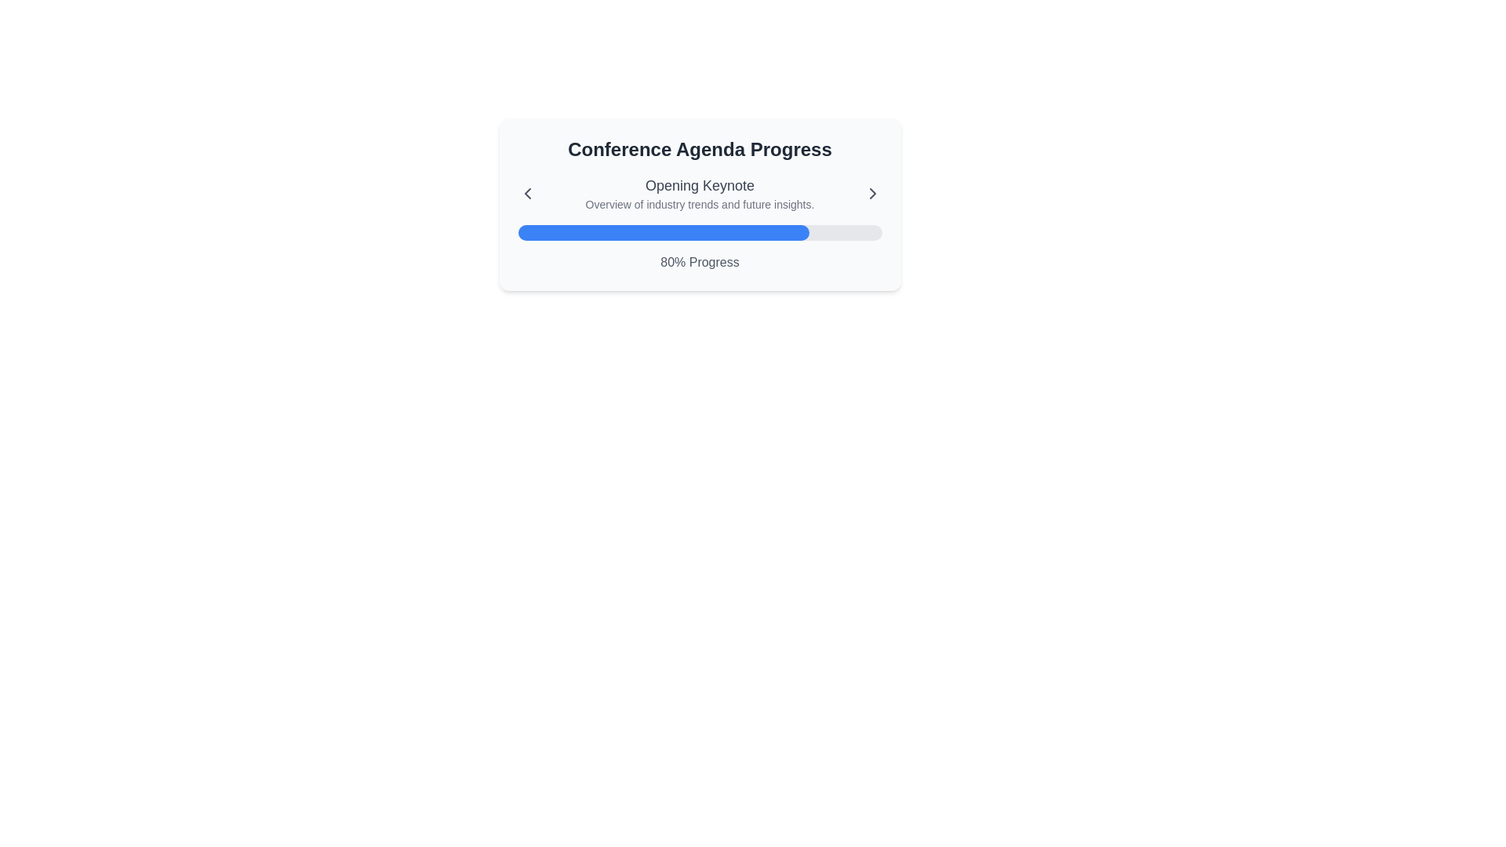 The image size is (1506, 847). Describe the element at coordinates (699, 192) in the screenshot. I see `text content of the Composite element displaying the title 'Opening Keynote' and the description 'Overview of industry trends and future insights.'` at that location.